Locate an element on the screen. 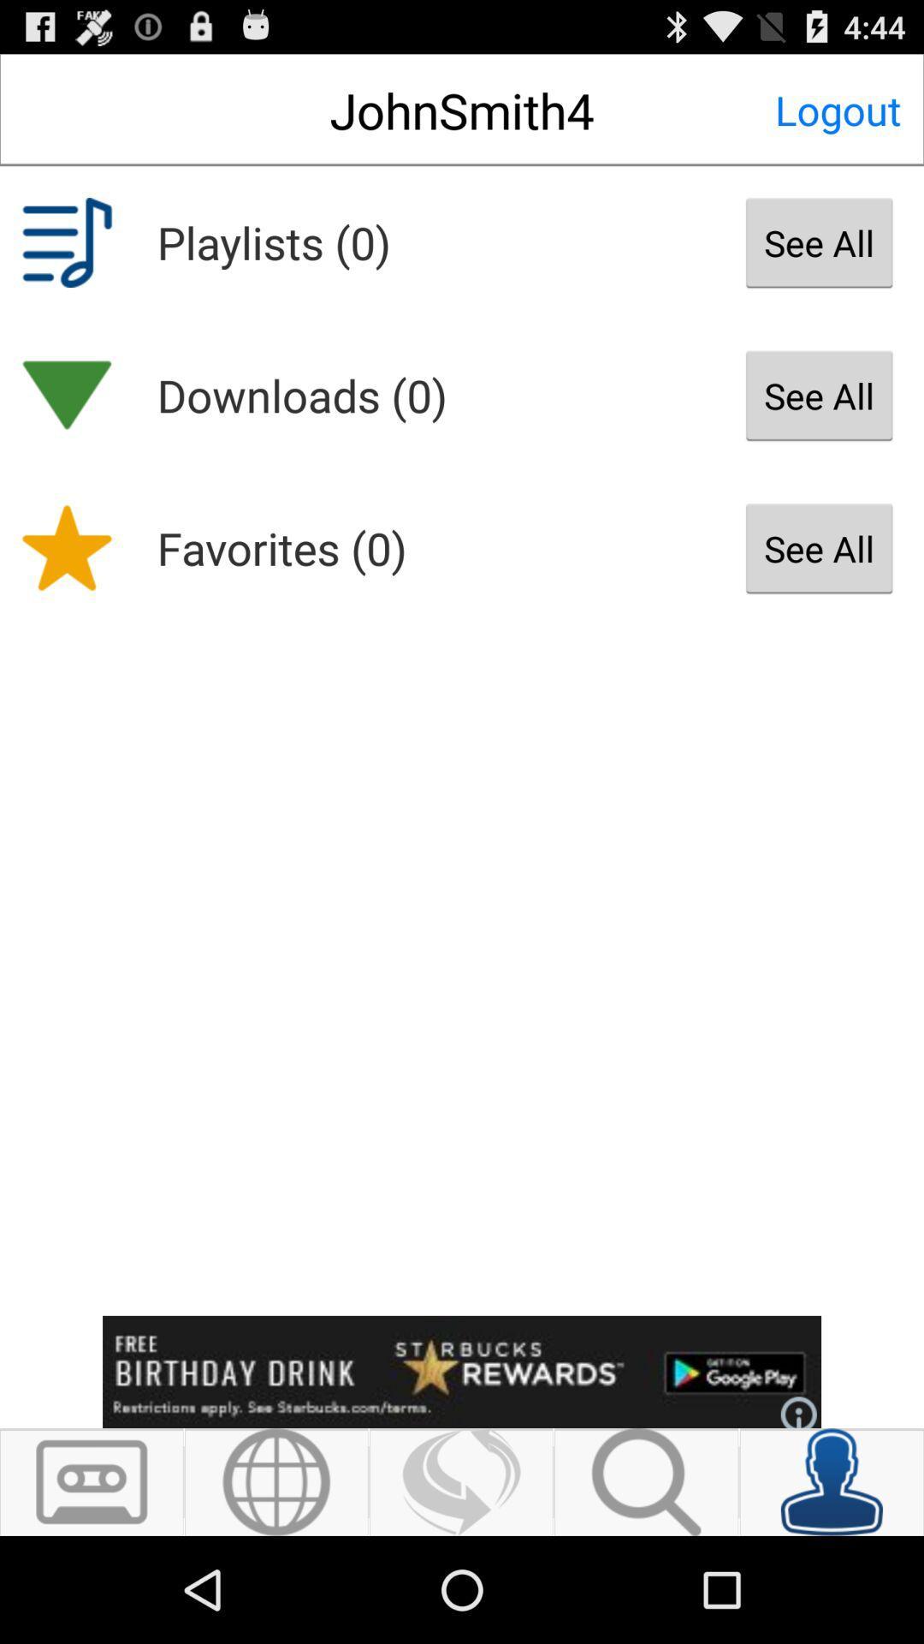  advertise banner is located at coordinates (462, 1372).